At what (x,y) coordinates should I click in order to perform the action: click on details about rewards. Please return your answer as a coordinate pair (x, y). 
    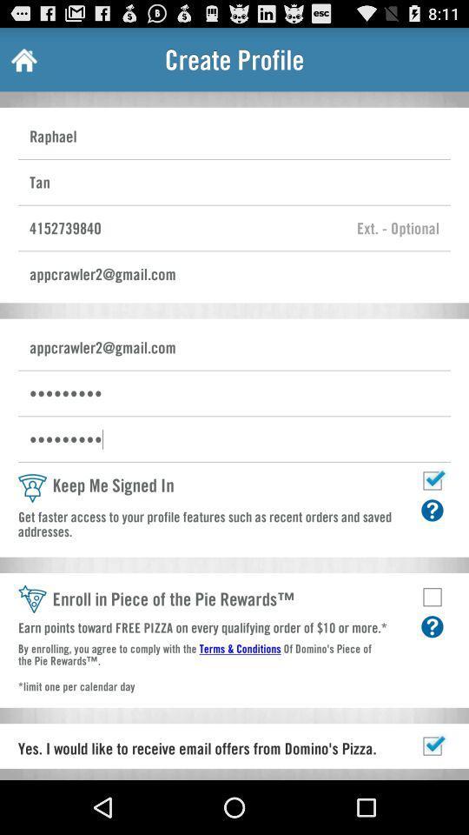
    Looking at the image, I should click on (431, 626).